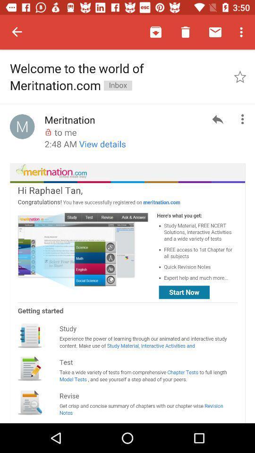  I want to click on the delete icon left to message icon shown on the top of the page, so click(186, 32).